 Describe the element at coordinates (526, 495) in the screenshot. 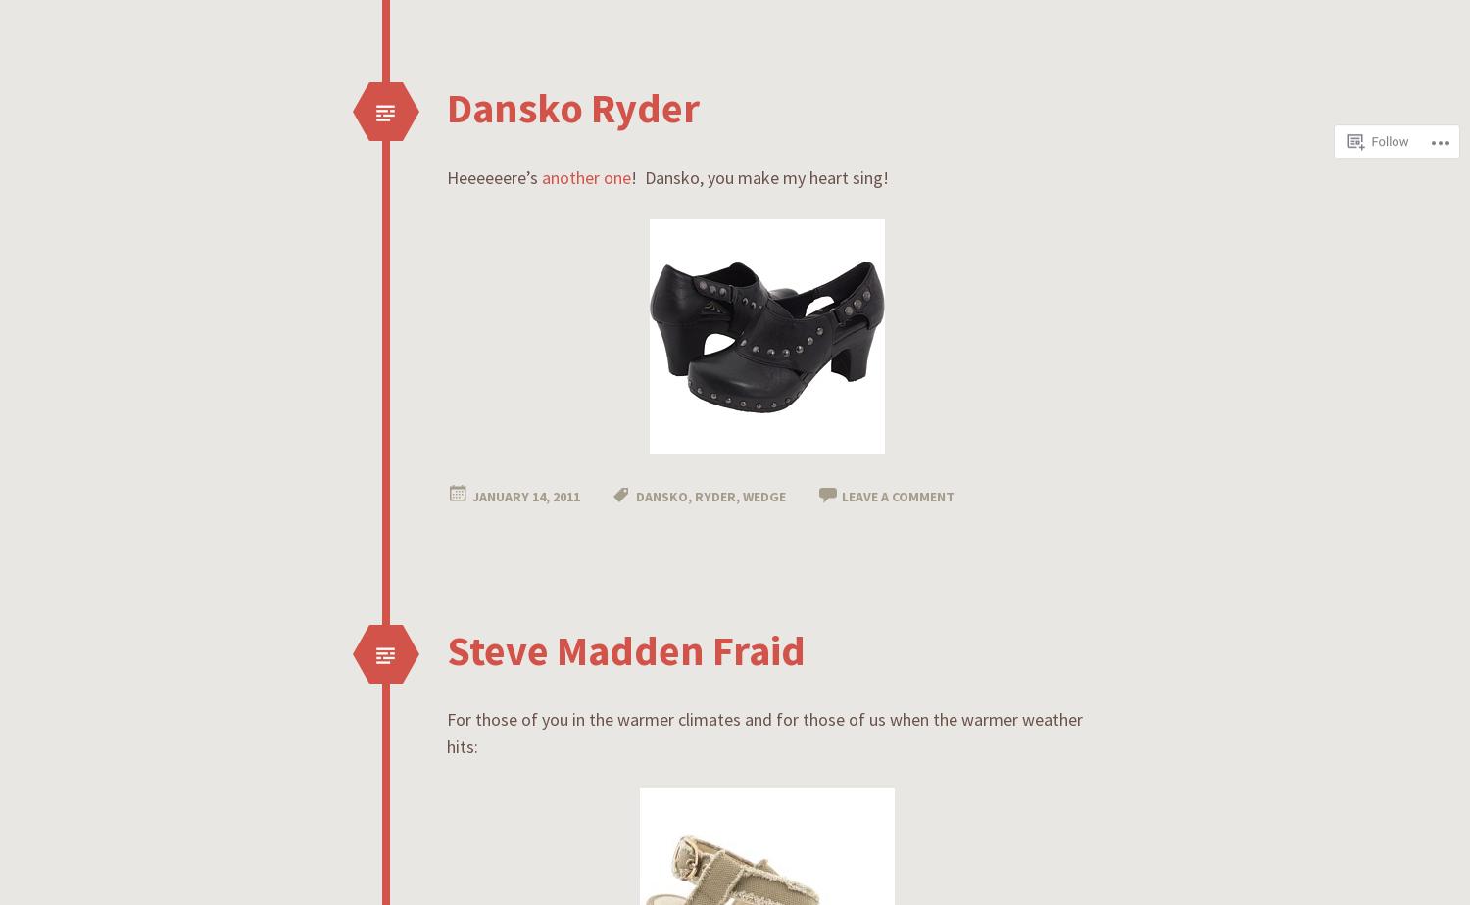

I see `'January 14, 2011'` at that location.